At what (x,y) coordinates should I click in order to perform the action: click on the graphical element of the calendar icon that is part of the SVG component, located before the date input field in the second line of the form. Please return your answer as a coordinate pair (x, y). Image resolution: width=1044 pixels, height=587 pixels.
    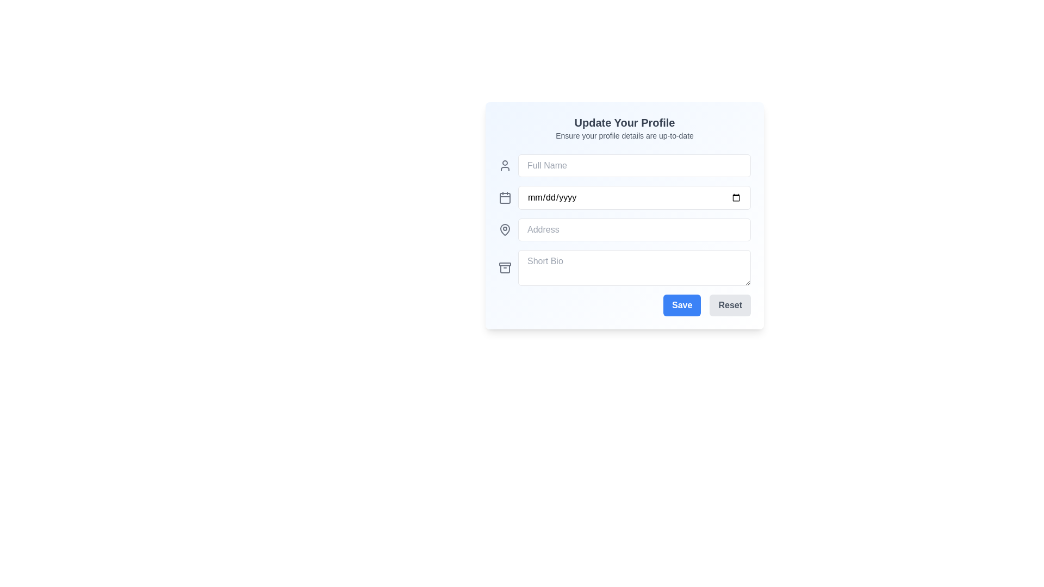
    Looking at the image, I should click on (505, 198).